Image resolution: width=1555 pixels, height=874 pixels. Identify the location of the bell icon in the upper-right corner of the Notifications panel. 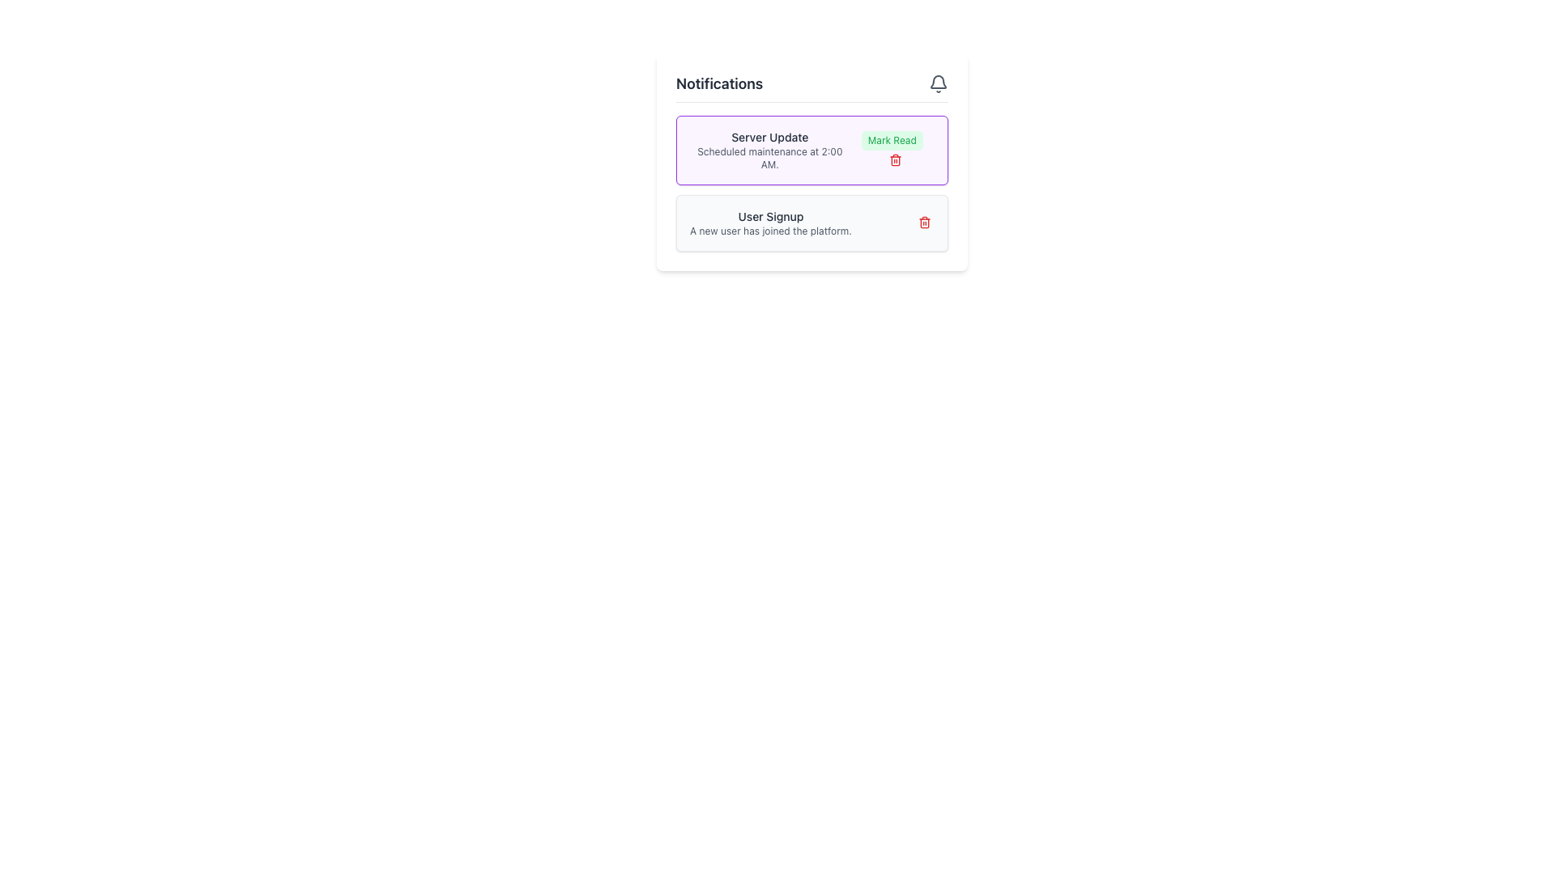
(938, 84).